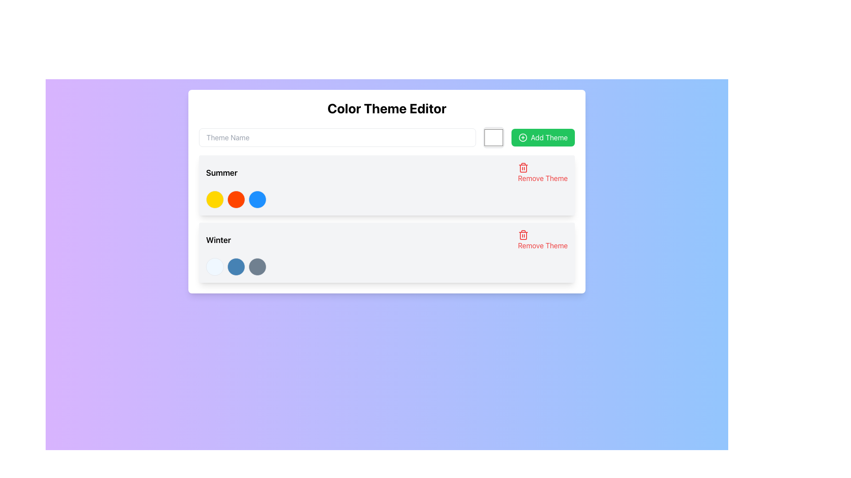 This screenshot has width=851, height=478. Describe the element at coordinates (523, 167) in the screenshot. I see `the red trash can icon located in the top-right corner of the 'Summer' theme card, adjacent to the 'Remove Theme' text` at that location.